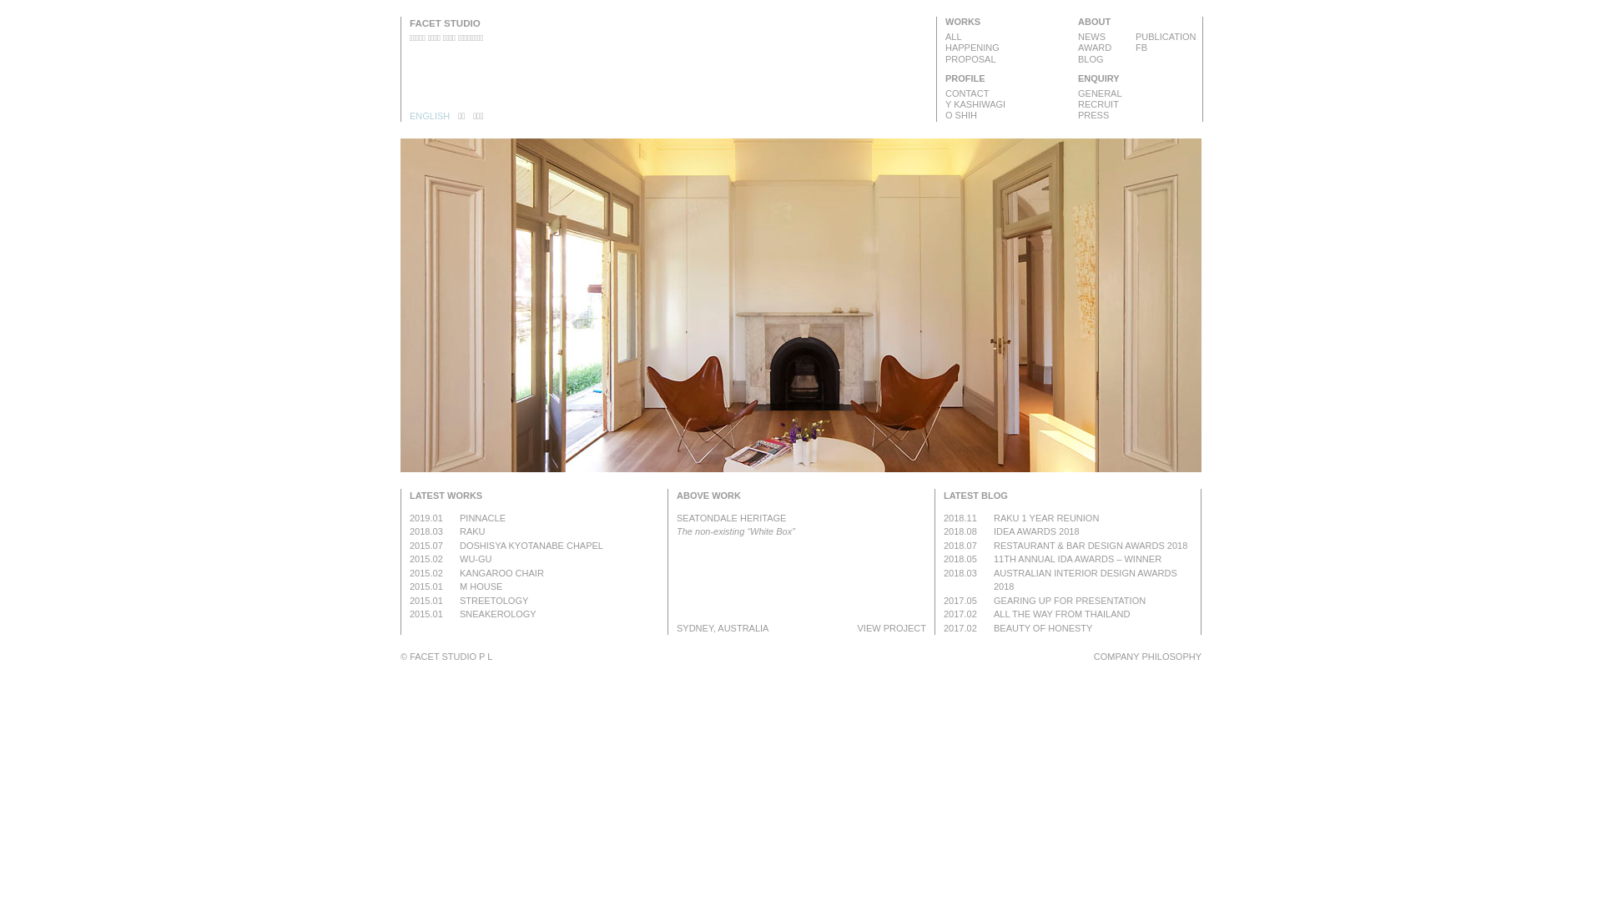 Image resolution: width=1602 pixels, height=901 pixels. Describe the element at coordinates (1109, 37) in the screenshot. I see `'NEWS'` at that location.